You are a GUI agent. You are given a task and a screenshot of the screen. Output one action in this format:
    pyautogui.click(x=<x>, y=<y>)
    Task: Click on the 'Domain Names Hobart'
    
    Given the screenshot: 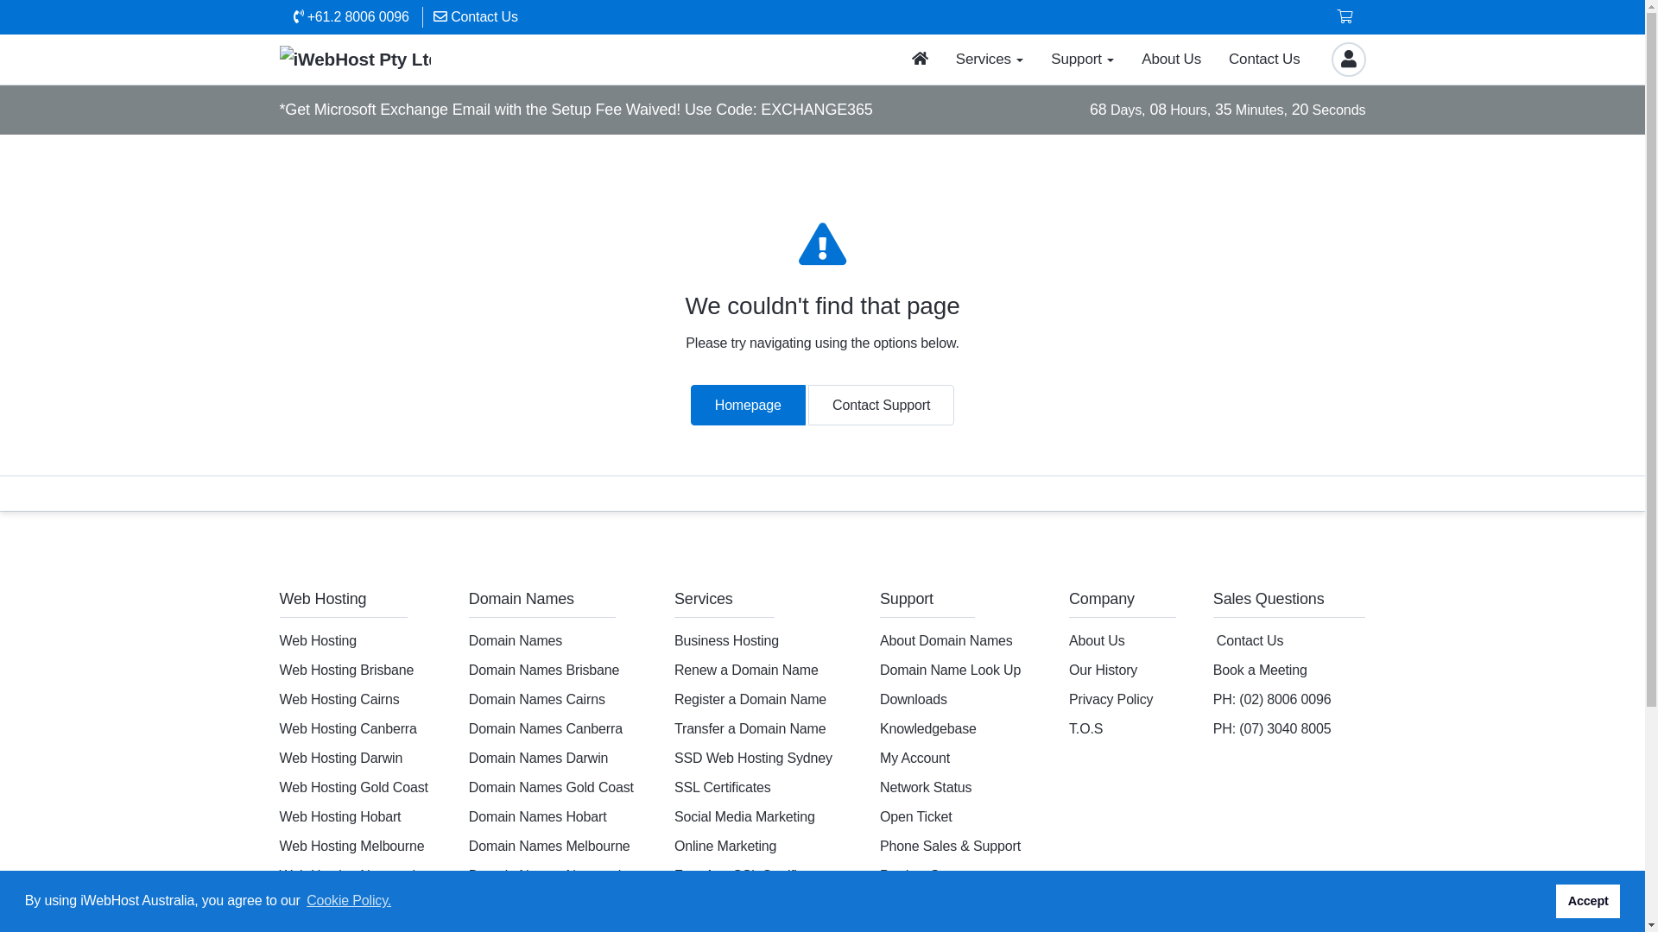 What is the action you would take?
    pyautogui.click(x=537, y=815)
    